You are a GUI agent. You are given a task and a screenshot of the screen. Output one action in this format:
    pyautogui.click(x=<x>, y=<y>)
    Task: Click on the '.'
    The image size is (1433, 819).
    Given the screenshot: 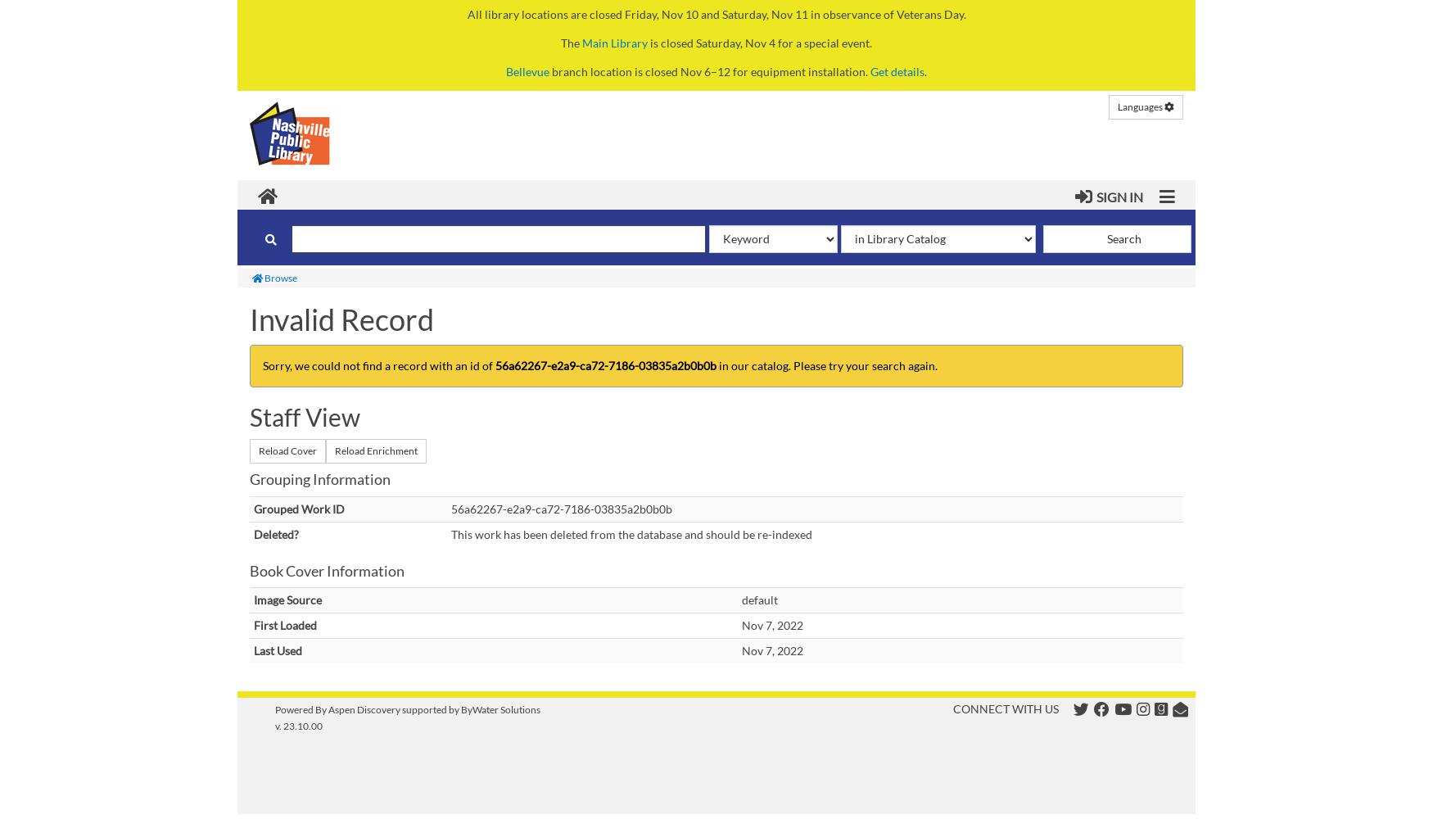 What is the action you would take?
    pyautogui.click(x=924, y=70)
    